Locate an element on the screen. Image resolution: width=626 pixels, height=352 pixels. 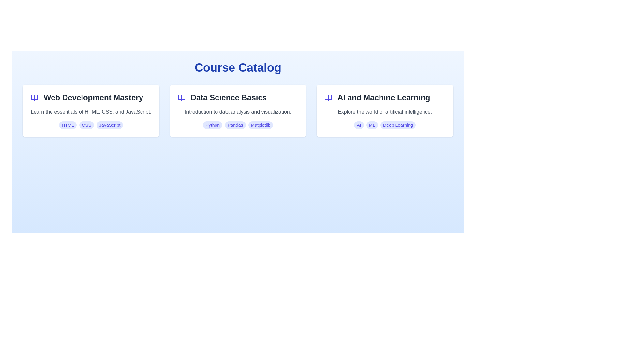
the informational card located at the far right of the three-column grid layout, which presents information about a course or topic related to AI and machine learning is located at coordinates (385, 110).